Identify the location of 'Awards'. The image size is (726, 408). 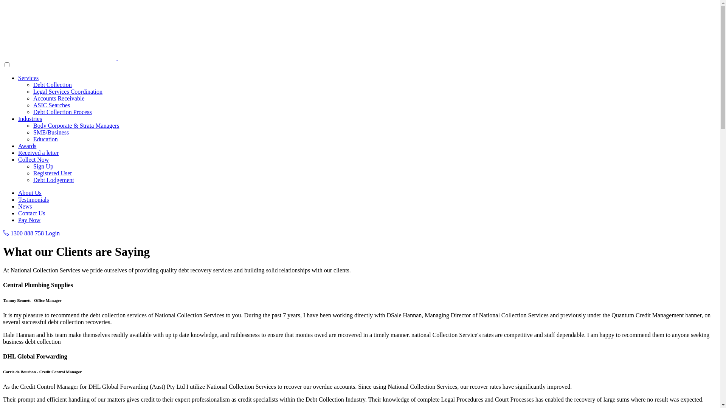
(27, 146).